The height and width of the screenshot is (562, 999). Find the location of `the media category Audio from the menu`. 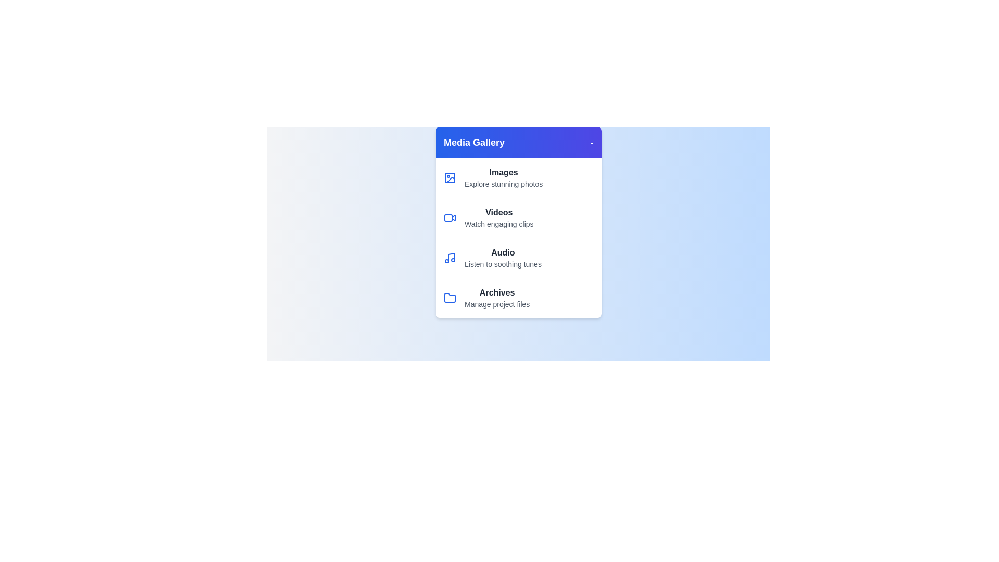

the media category Audio from the menu is located at coordinates (519, 258).